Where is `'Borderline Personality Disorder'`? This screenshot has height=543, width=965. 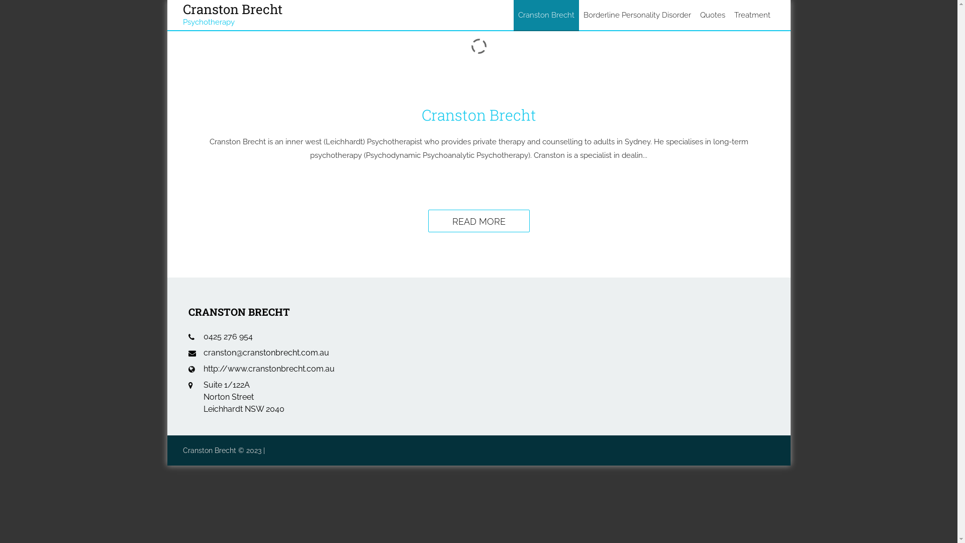
'Borderline Personality Disorder' is located at coordinates (636, 15).